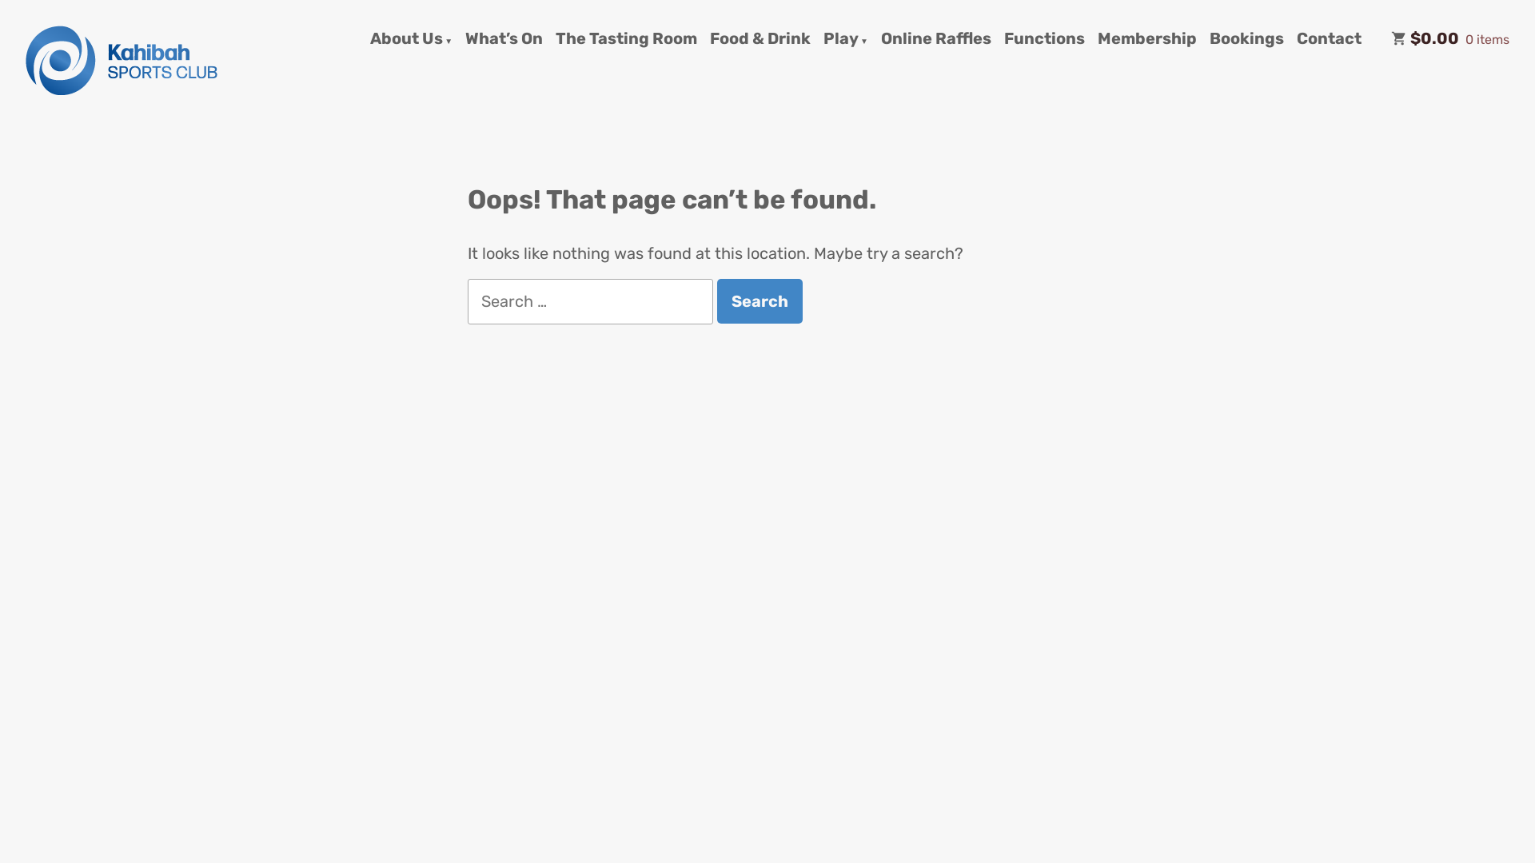 This screenshot has width=1535, height=863. I want to click on 'Membership', so click(1096, 38).